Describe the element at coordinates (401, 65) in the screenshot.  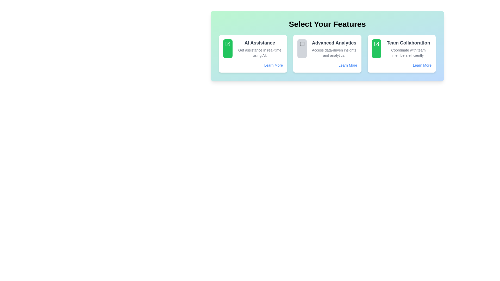
I see `the hyperlink located at the bottom-right corner of the 'Team Collaboration' card` at that location.